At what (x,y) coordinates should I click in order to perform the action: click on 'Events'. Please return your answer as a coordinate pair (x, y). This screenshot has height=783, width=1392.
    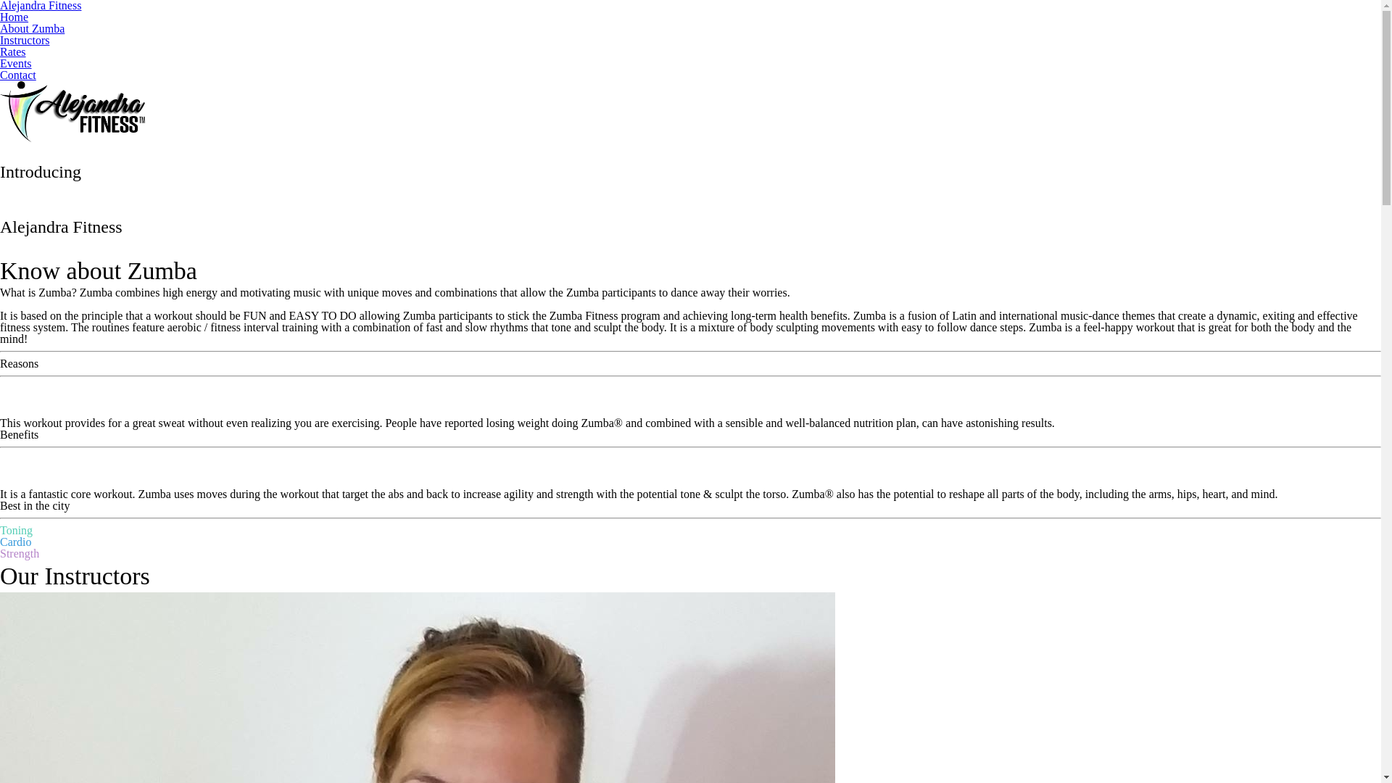
    Looking at the image, I should click on (16, 62).